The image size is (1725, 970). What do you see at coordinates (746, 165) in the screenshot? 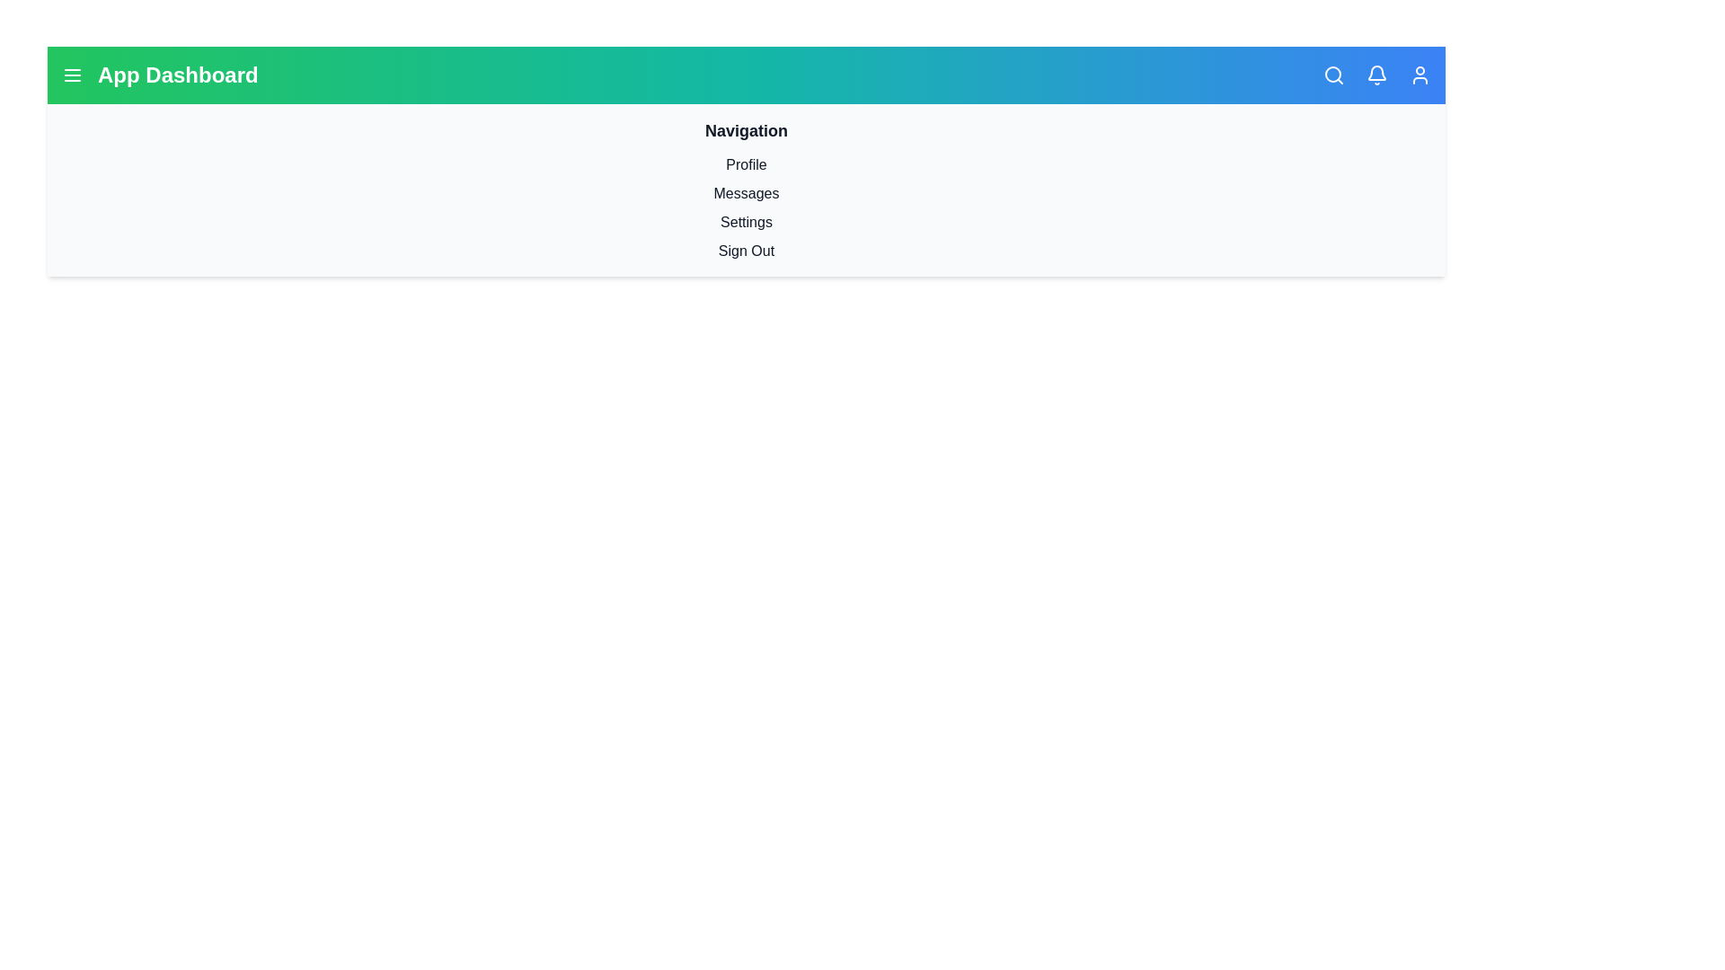
I see `the menu item labeled Profile to navigate to the respective section` at bounding box center [746, 165].